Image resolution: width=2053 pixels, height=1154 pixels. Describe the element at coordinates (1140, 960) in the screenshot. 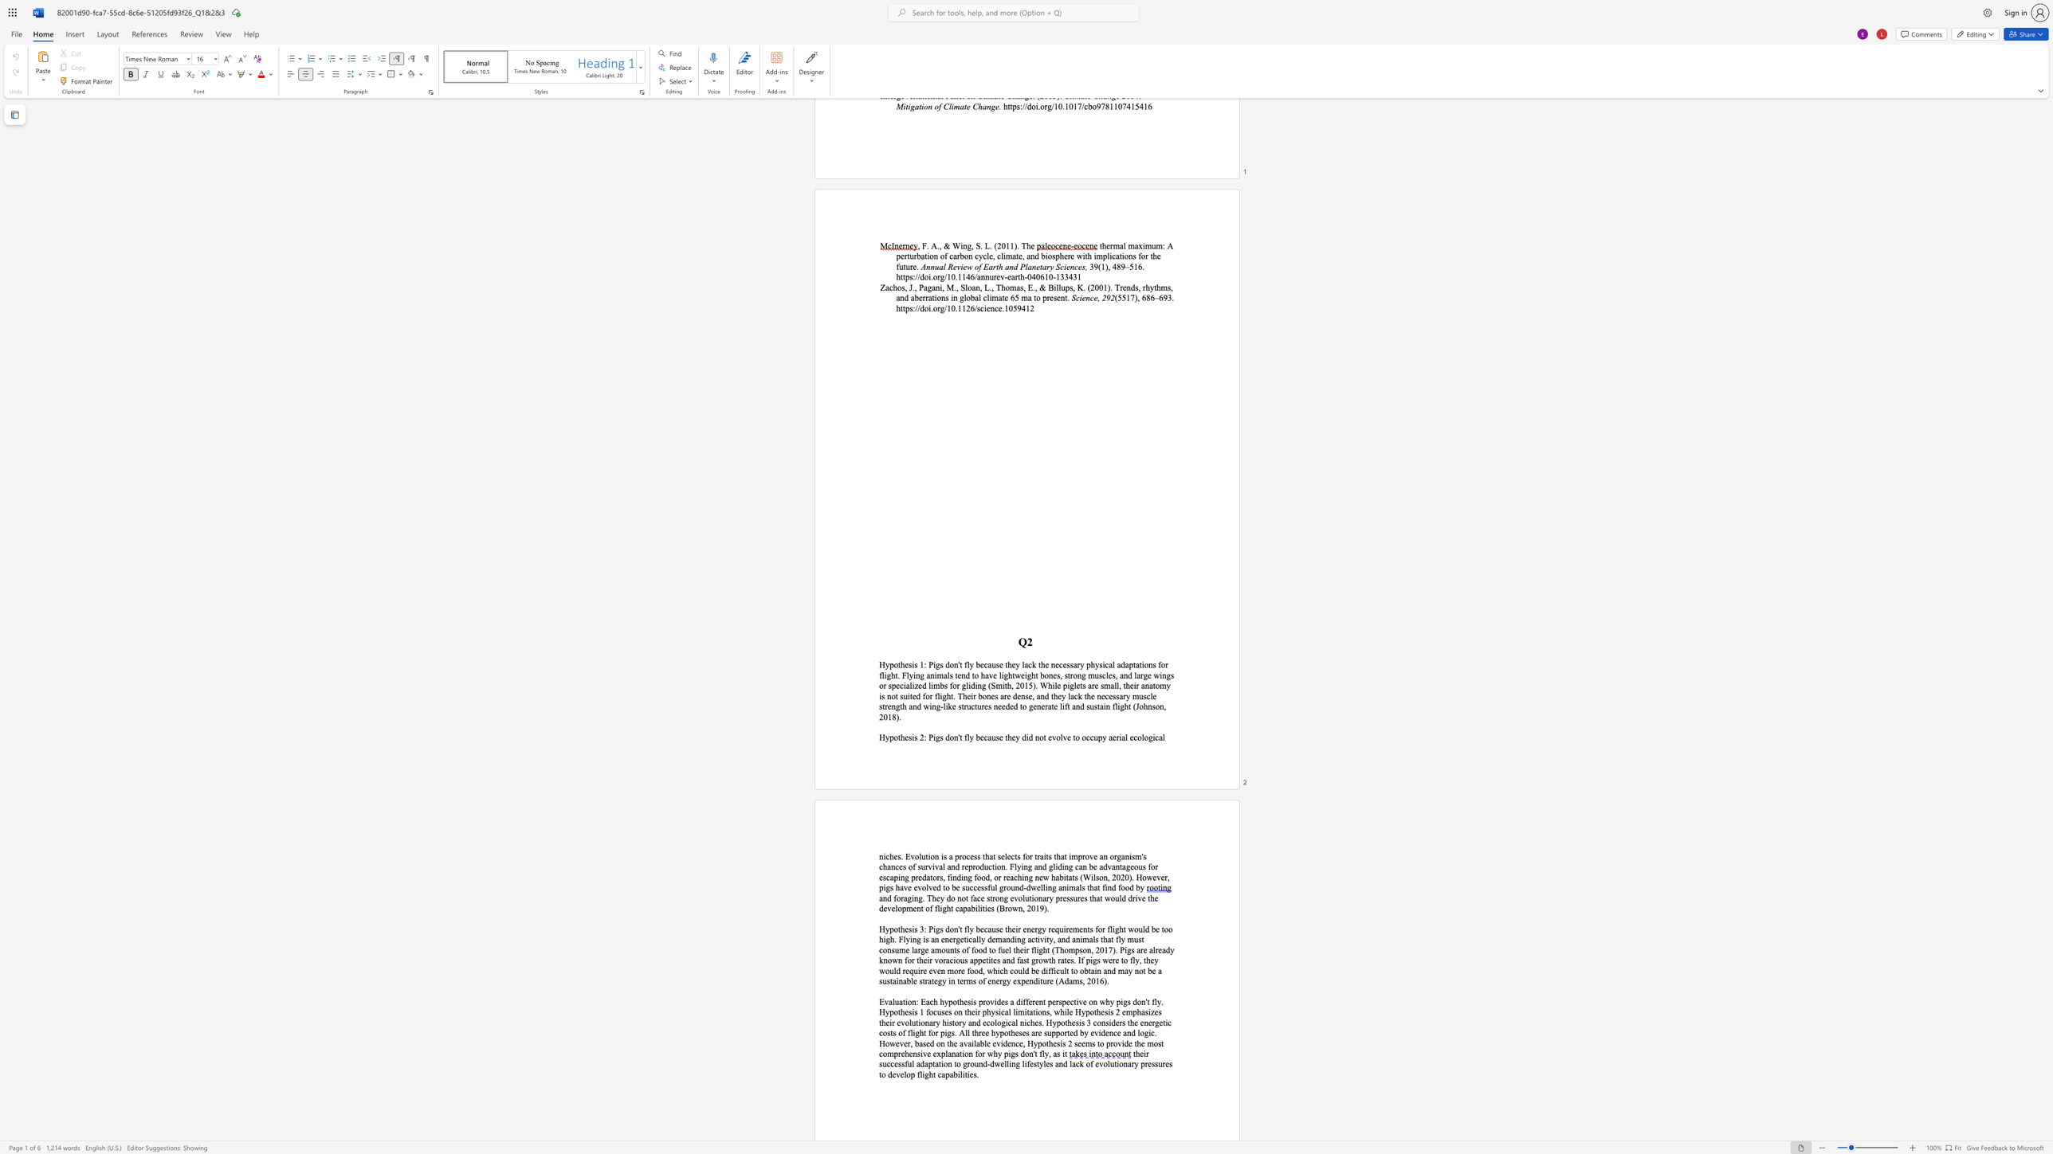

I see `the subset text ", they" within the text "of food to fuel their flight (Thompson, 2017). Pigs are already known for their voracious appetites and fast growth rates. If pigs were to fly, they would"` at that location.